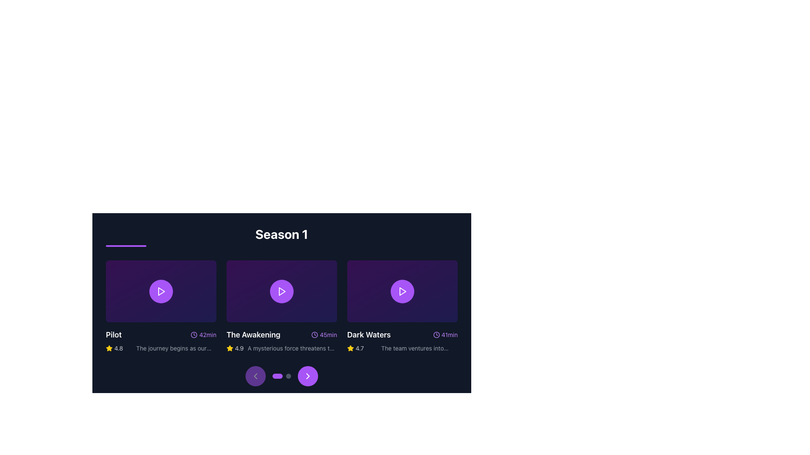 The width and height of the screenshot is (810, 455). What do you see at coordinates (282, 290) in the screenshot?
I see `the triangular play button icon located centrally within the second card from the left under the heading 'Season 1'` at bounding box center [282, 290].